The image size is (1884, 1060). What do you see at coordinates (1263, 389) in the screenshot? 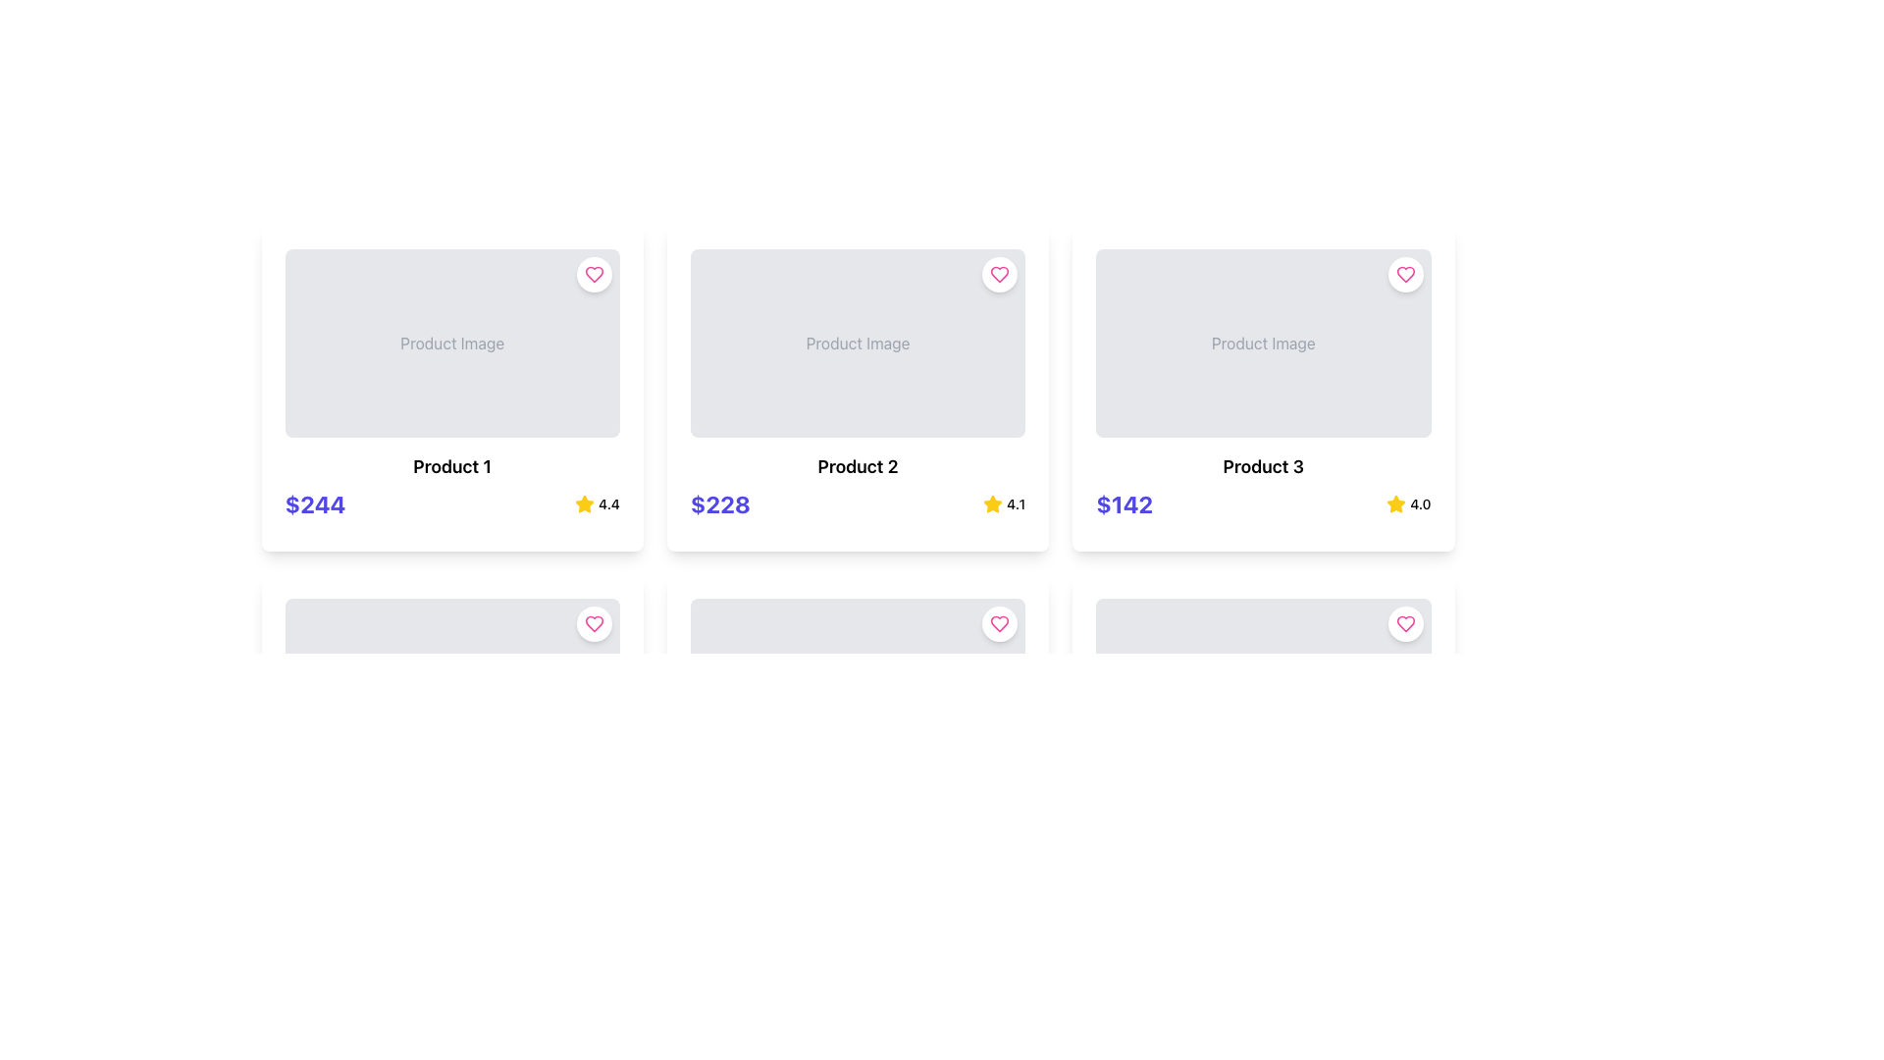
I see `the third product card in the grid layout` at bounding box center [1263, 389].